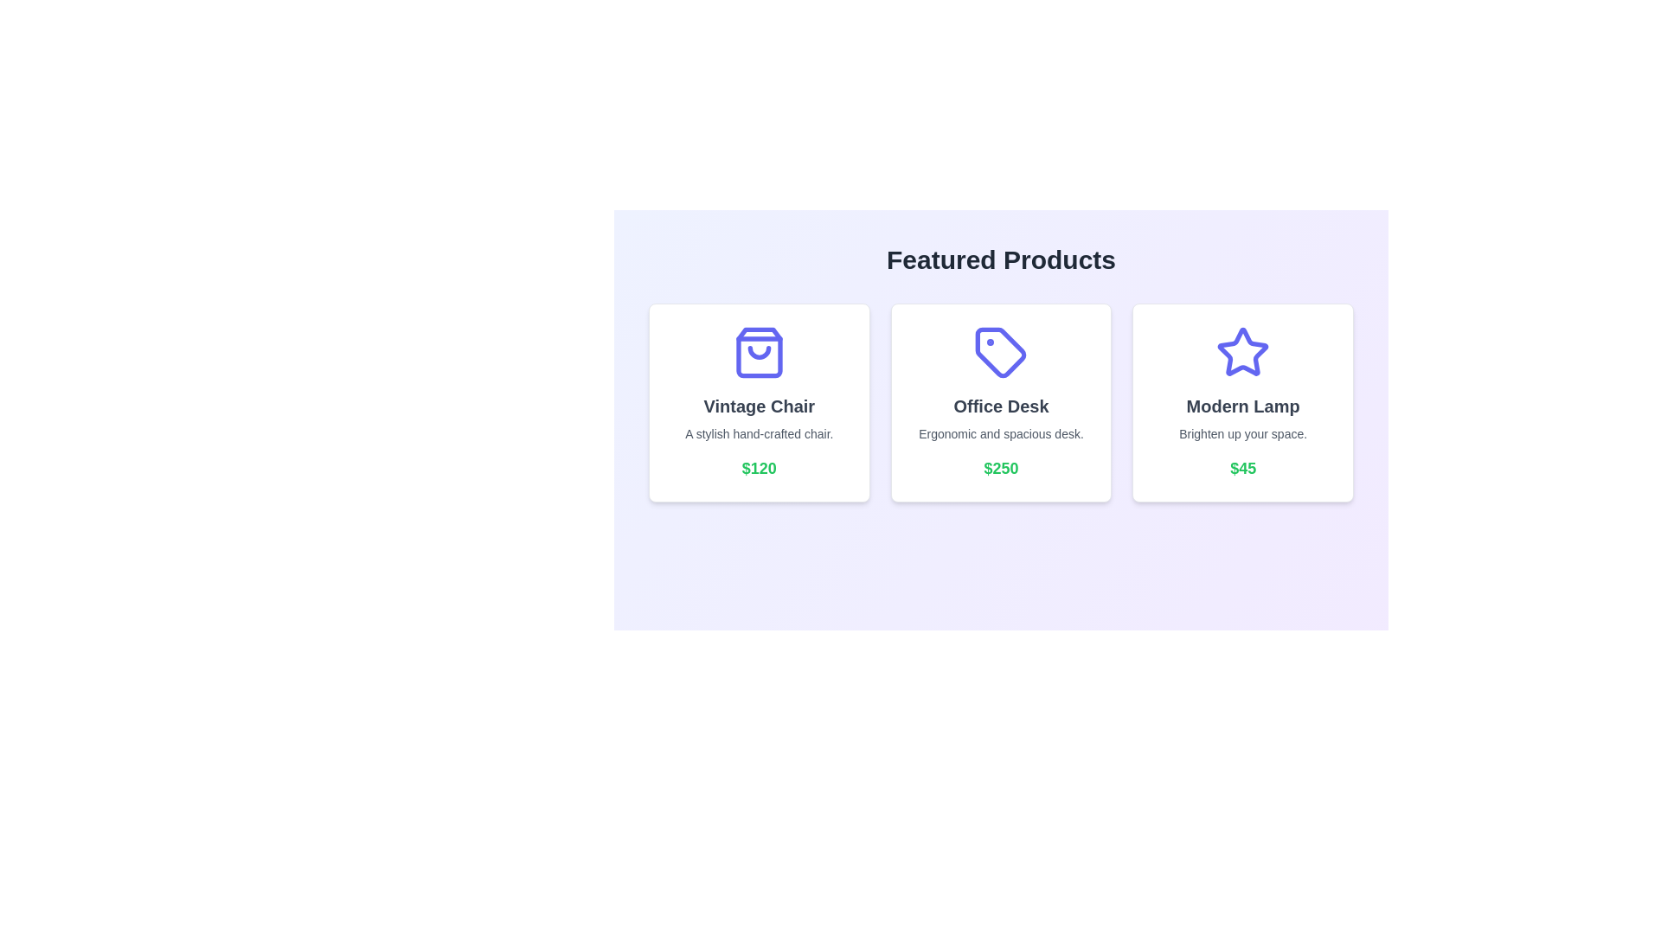 Image resolution: width=1661 pixels, height=934 pixels. I want to click on the text label providing a brief descriptive tagline for the office desk, so click(1001, 432).